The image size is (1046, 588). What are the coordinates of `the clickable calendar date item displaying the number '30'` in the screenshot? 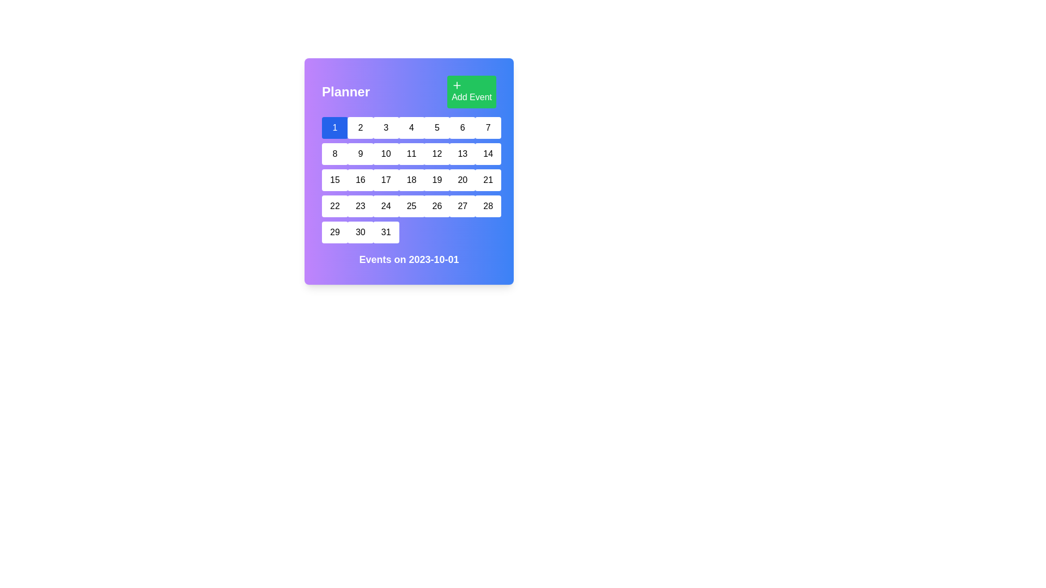 It's located at (360, 232).